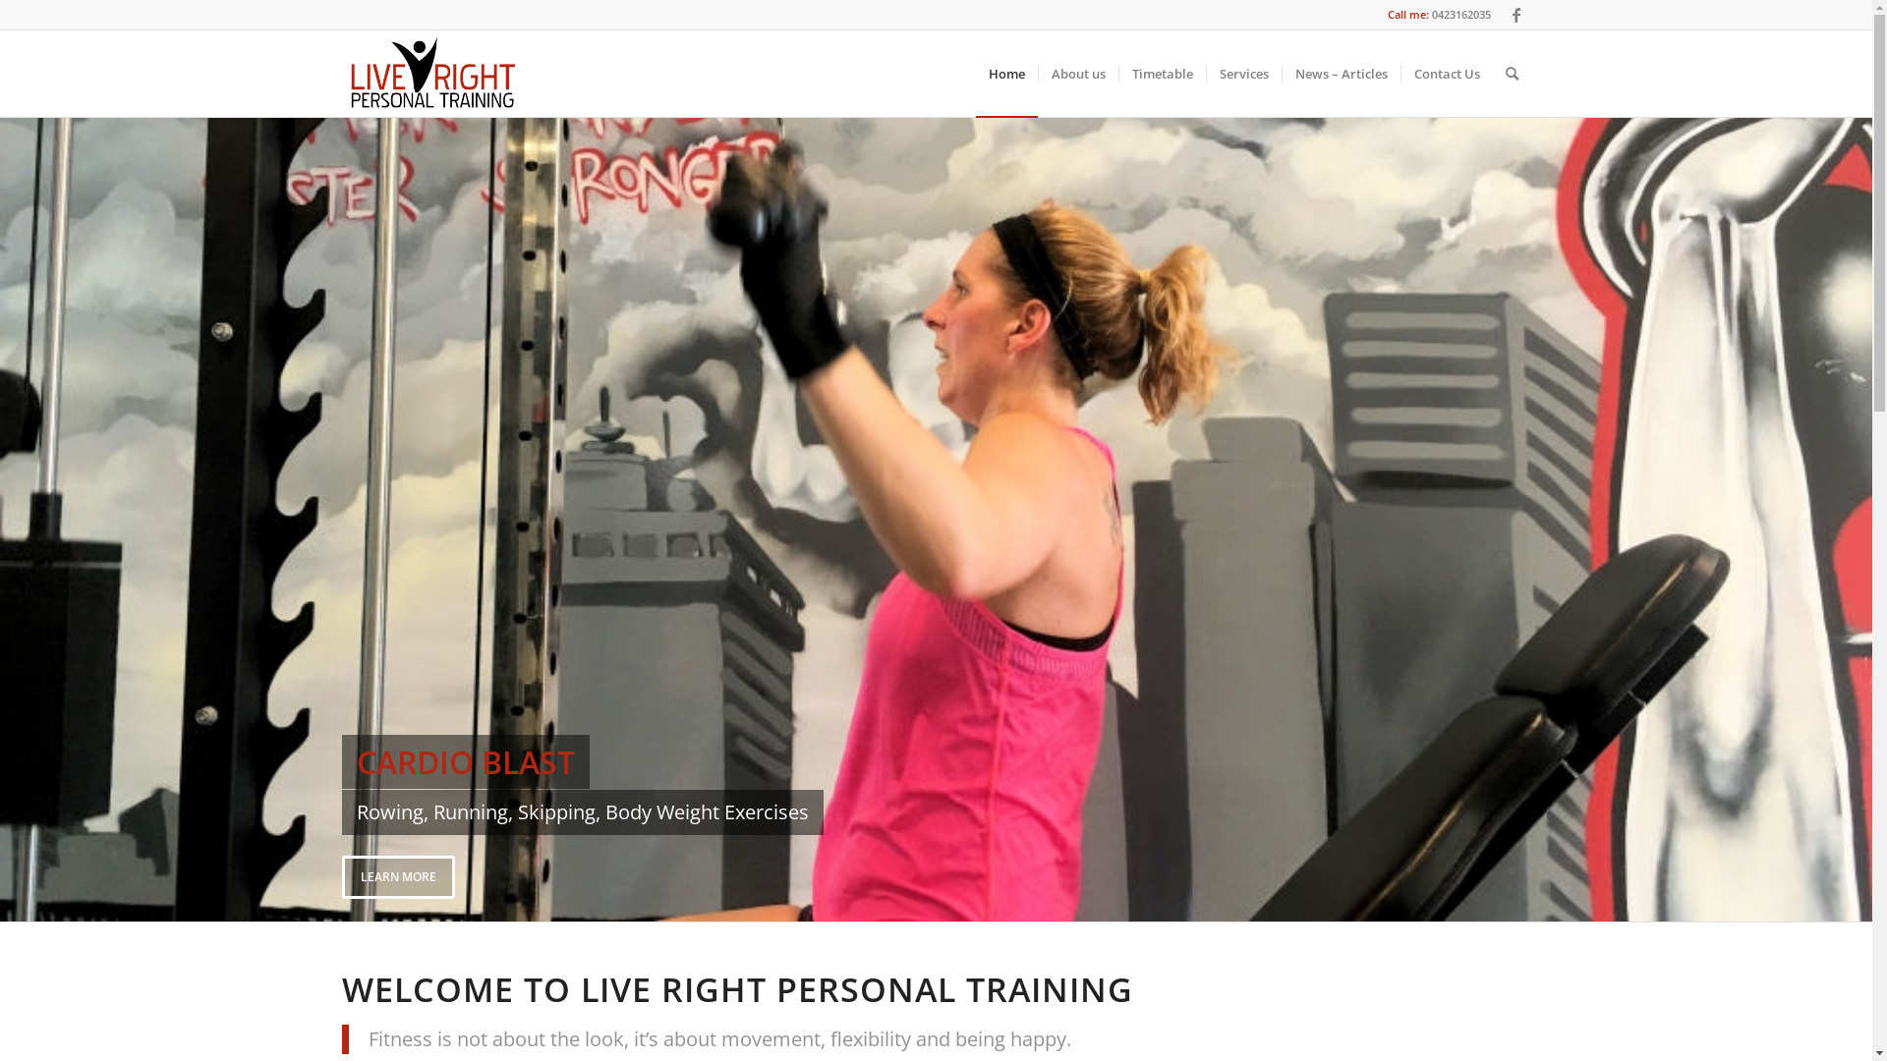 This screenshot has height=1061, width=1887. I want to click on 'Services', so click(1241, 72).